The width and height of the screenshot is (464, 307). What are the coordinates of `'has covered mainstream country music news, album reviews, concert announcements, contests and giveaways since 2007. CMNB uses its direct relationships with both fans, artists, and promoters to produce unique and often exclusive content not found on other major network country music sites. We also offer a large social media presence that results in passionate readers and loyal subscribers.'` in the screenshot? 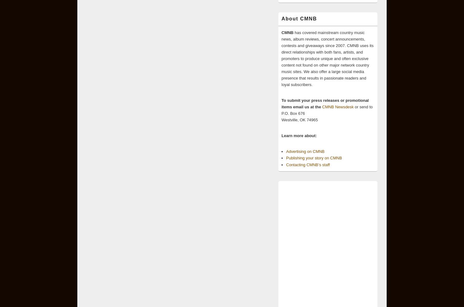 It's located at (281, 58).